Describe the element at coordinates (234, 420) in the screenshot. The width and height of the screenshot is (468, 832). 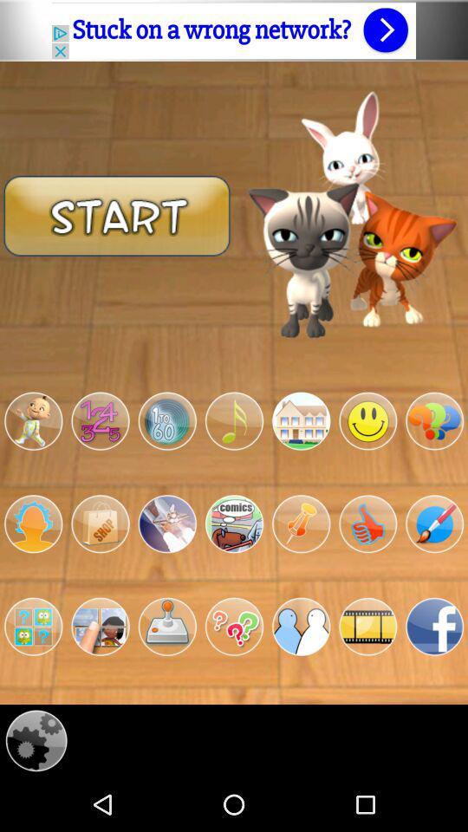
I see `the 4th circular image on the web page` at that location.